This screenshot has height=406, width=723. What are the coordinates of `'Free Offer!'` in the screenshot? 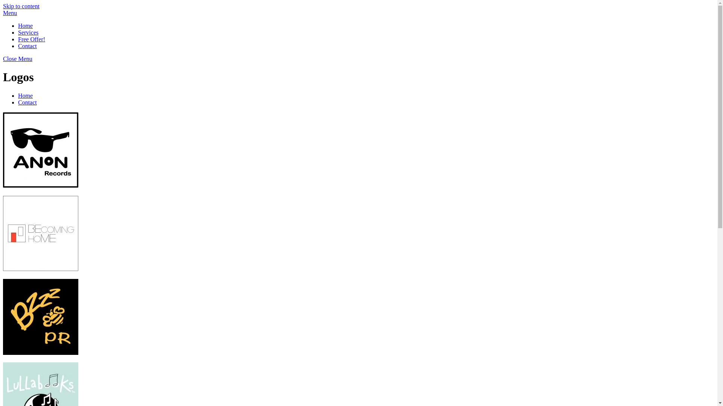 It's located at (31, 39).